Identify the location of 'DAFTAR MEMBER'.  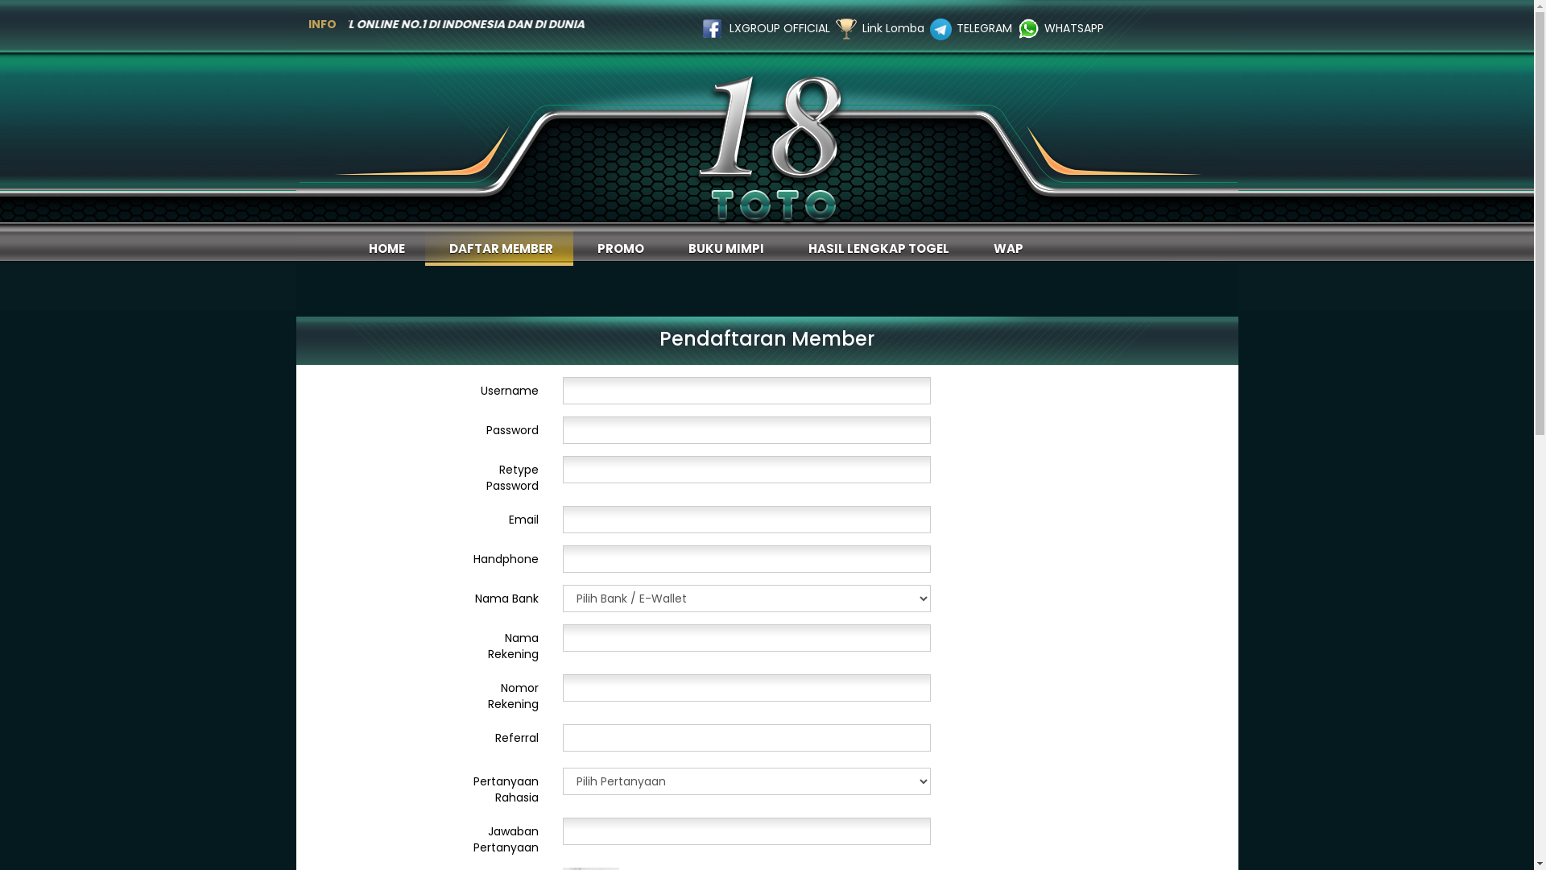
(498, 247).